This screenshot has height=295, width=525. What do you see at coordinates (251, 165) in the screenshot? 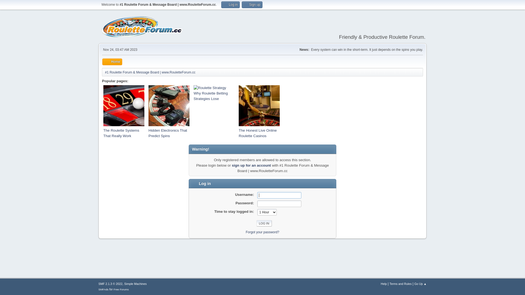
I see `'sign up for an account'` at bounding box center [251, 165].